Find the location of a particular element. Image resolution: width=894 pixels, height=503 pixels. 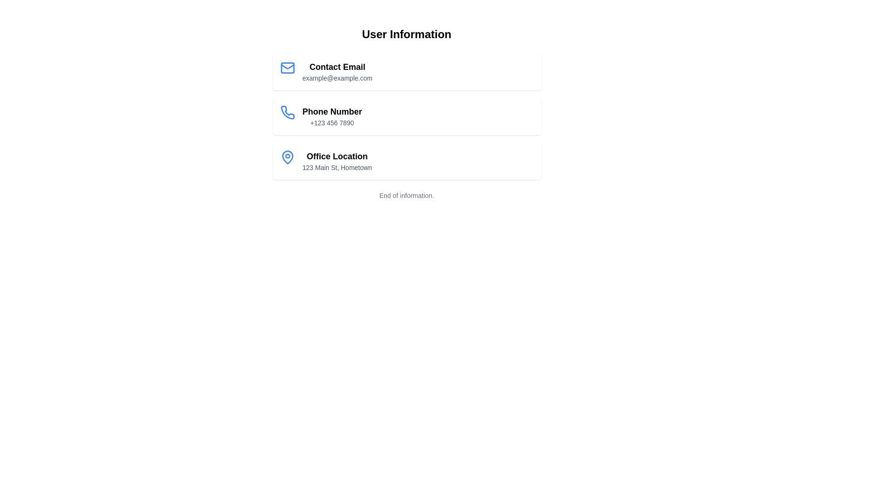

the text label header that serves as a title for the section, positioned centrally at the top of the layout is located at coordinates (406, 34).